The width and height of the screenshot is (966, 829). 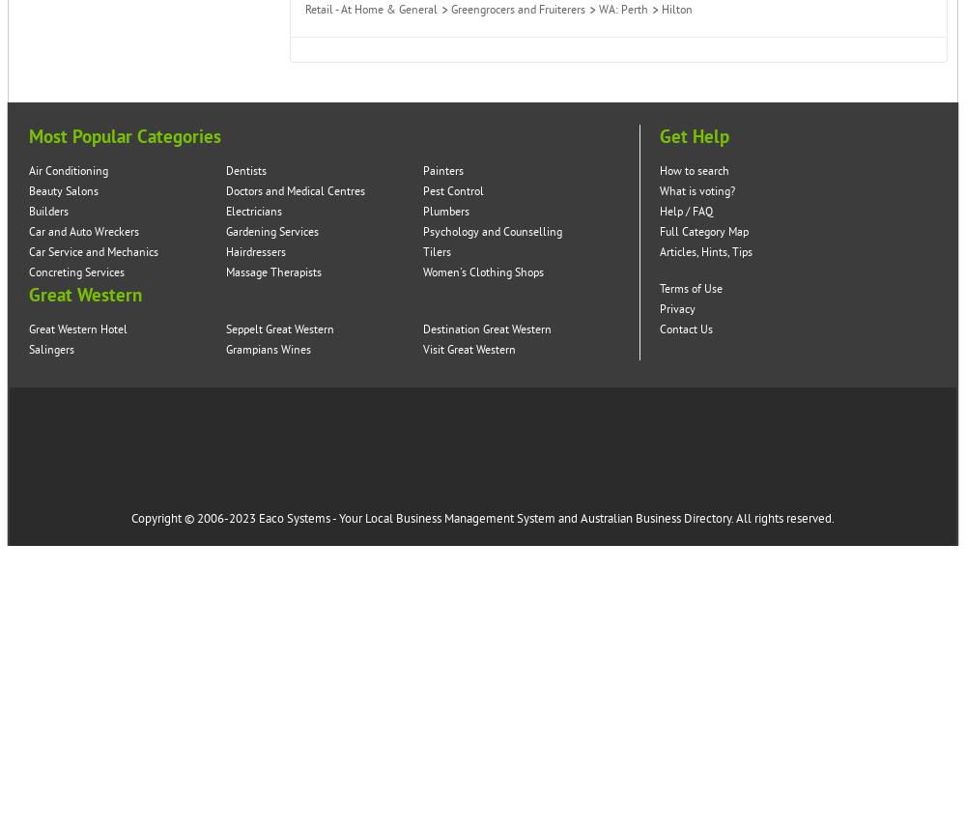 What do you see at coordinates (685, 329) in the screenshot?
I see `'Contact Us'` at bounding box center [685, 329].